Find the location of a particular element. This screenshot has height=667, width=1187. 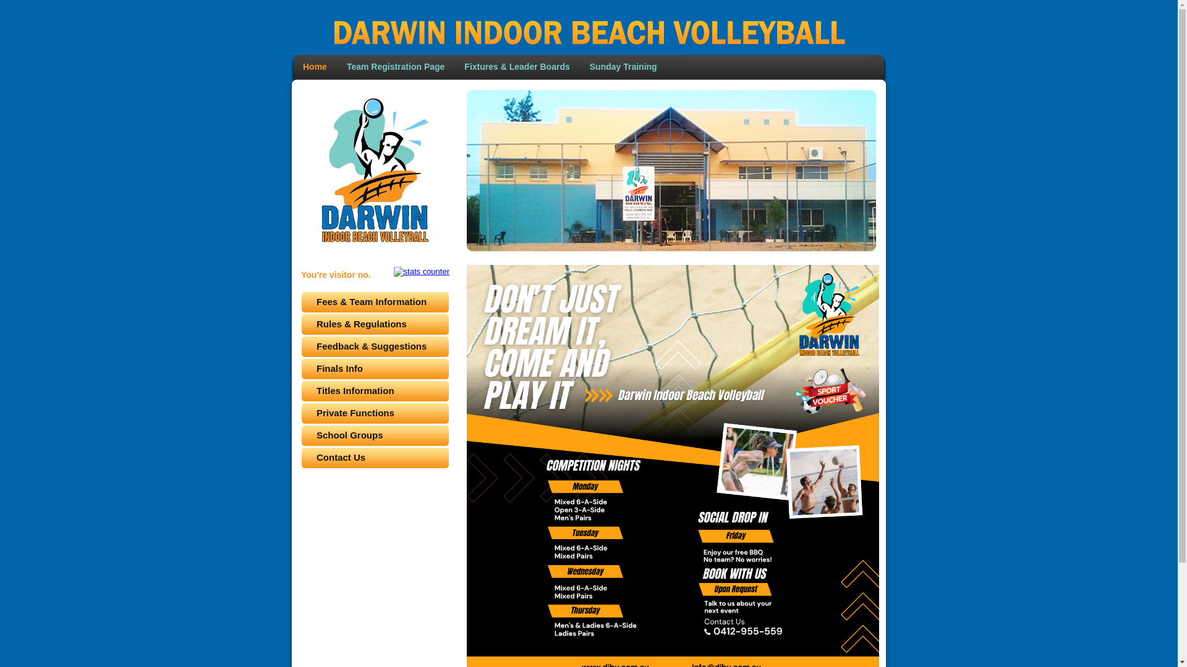

'Fees & Team Information' is located at coordinates (374, 302).